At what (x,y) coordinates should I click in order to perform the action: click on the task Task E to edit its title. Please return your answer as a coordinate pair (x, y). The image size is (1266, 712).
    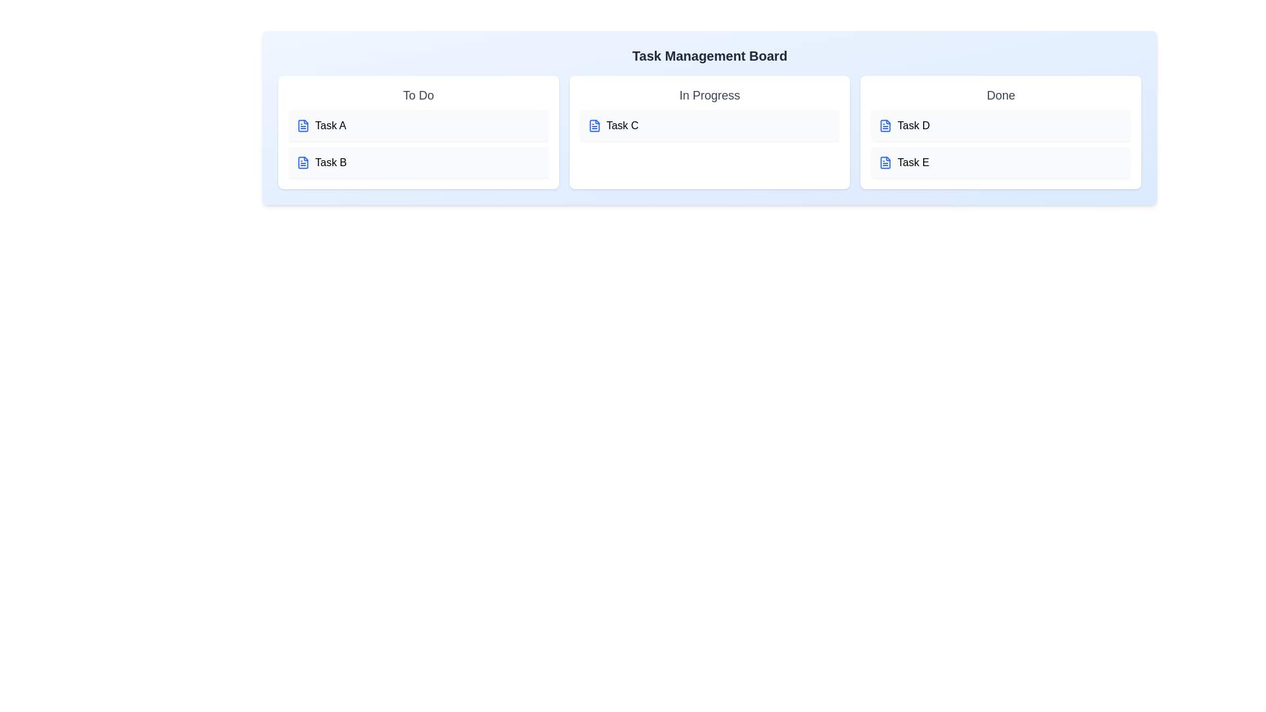
    Looking at the image, I should click on (1001, 162).